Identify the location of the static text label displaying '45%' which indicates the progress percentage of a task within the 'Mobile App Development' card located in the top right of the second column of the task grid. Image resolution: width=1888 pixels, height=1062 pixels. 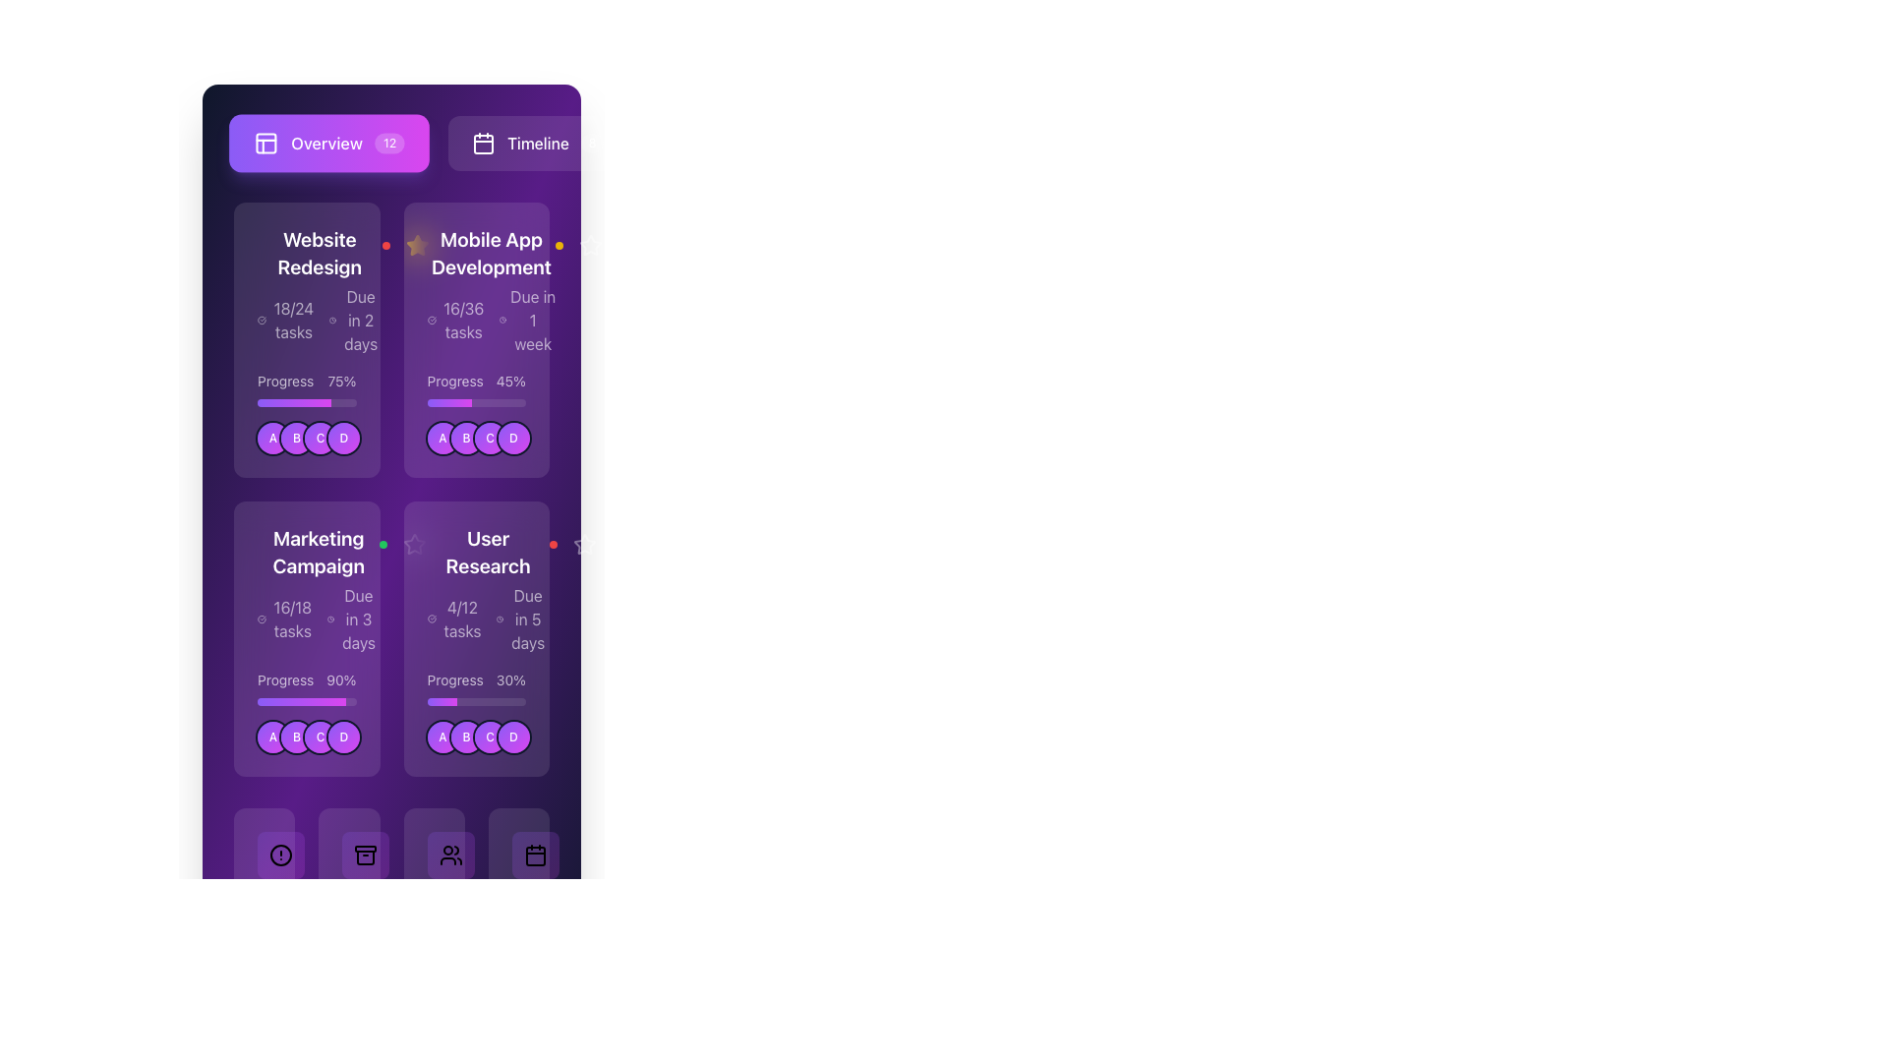
(510, 382).